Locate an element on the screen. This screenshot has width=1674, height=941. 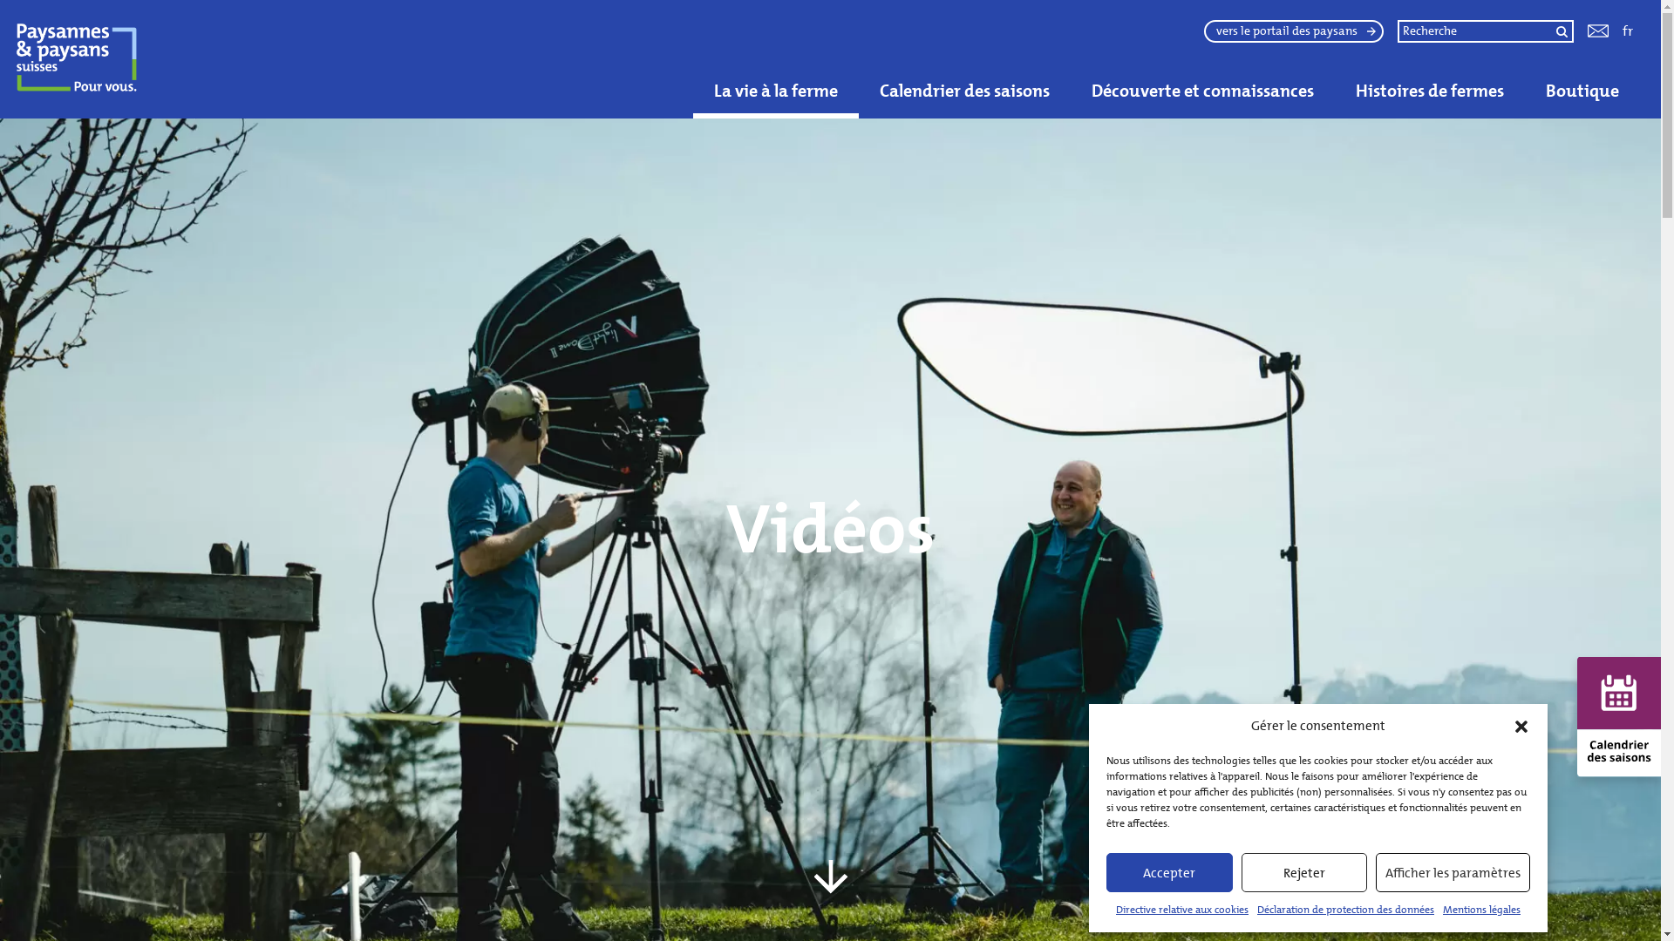
'Paysannes & paysans suisses' is located at coordinates (0, 58).